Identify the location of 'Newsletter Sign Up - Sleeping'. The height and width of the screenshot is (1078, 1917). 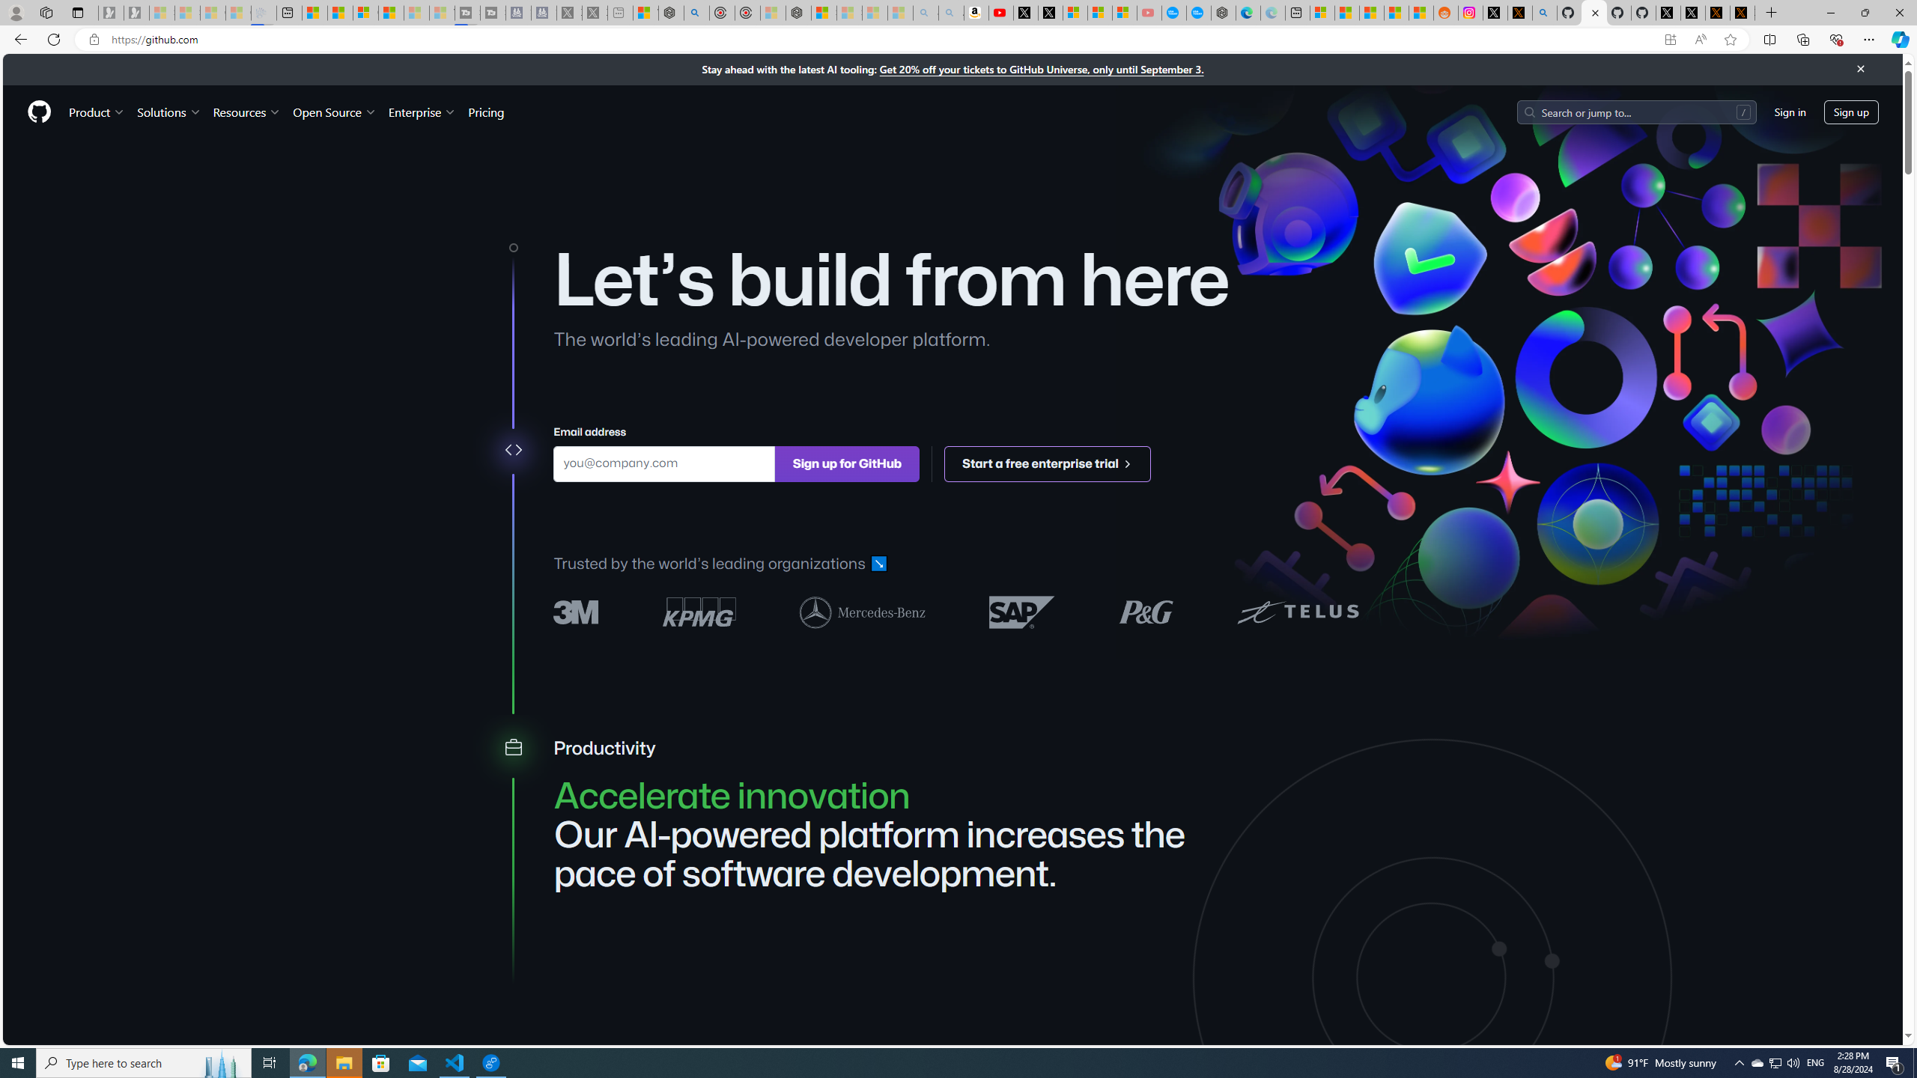
(135, 12).